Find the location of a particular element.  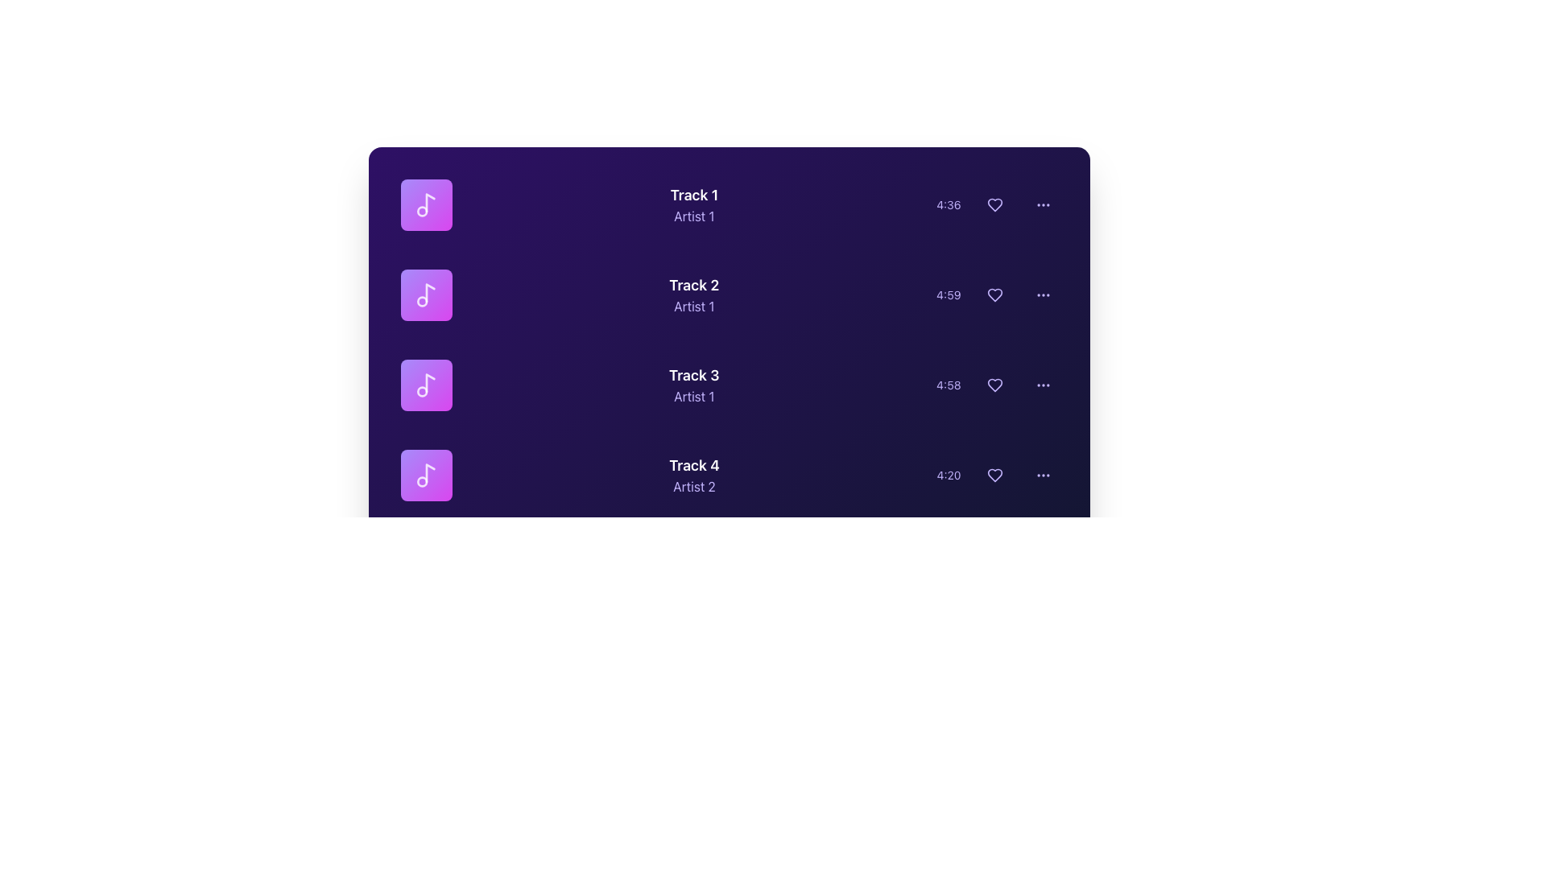

the heart-shaped icon button in the music player interface to check if it highlights is located at coordinates (994, 294).